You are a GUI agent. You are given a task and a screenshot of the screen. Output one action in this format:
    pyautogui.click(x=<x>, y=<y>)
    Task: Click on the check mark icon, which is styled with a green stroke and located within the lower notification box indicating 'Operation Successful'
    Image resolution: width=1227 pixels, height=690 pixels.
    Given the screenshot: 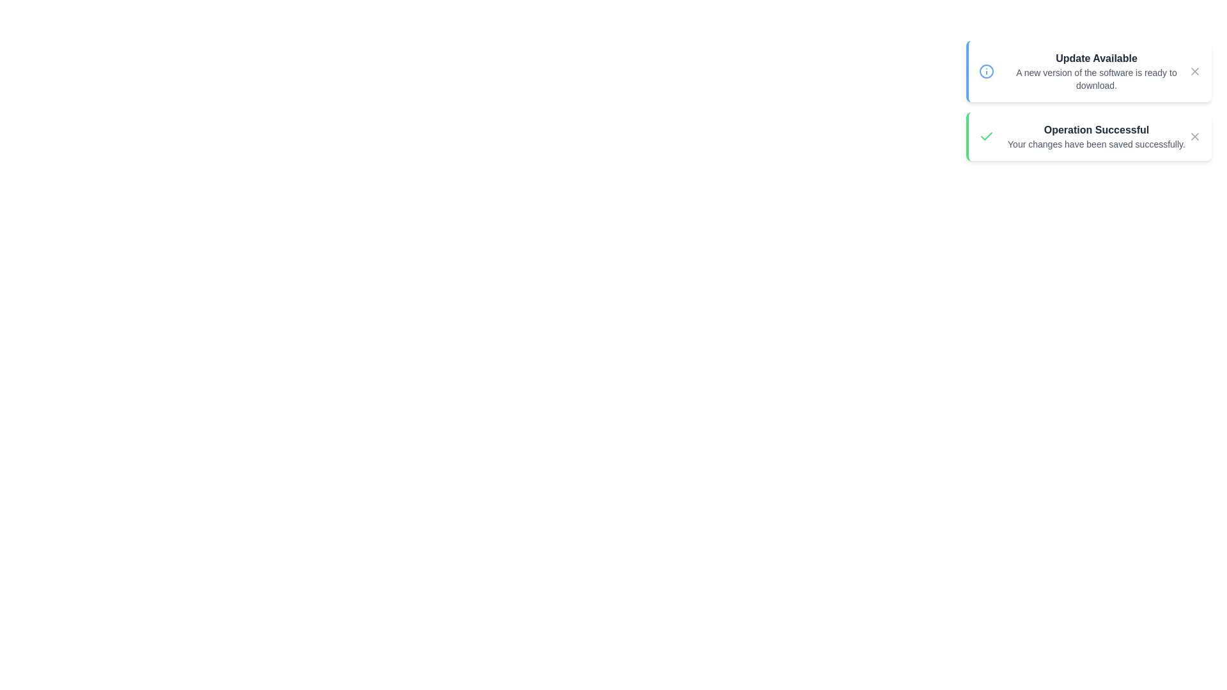 What is the action you would take?
    pyautogui.click(x=986, y=136)
    